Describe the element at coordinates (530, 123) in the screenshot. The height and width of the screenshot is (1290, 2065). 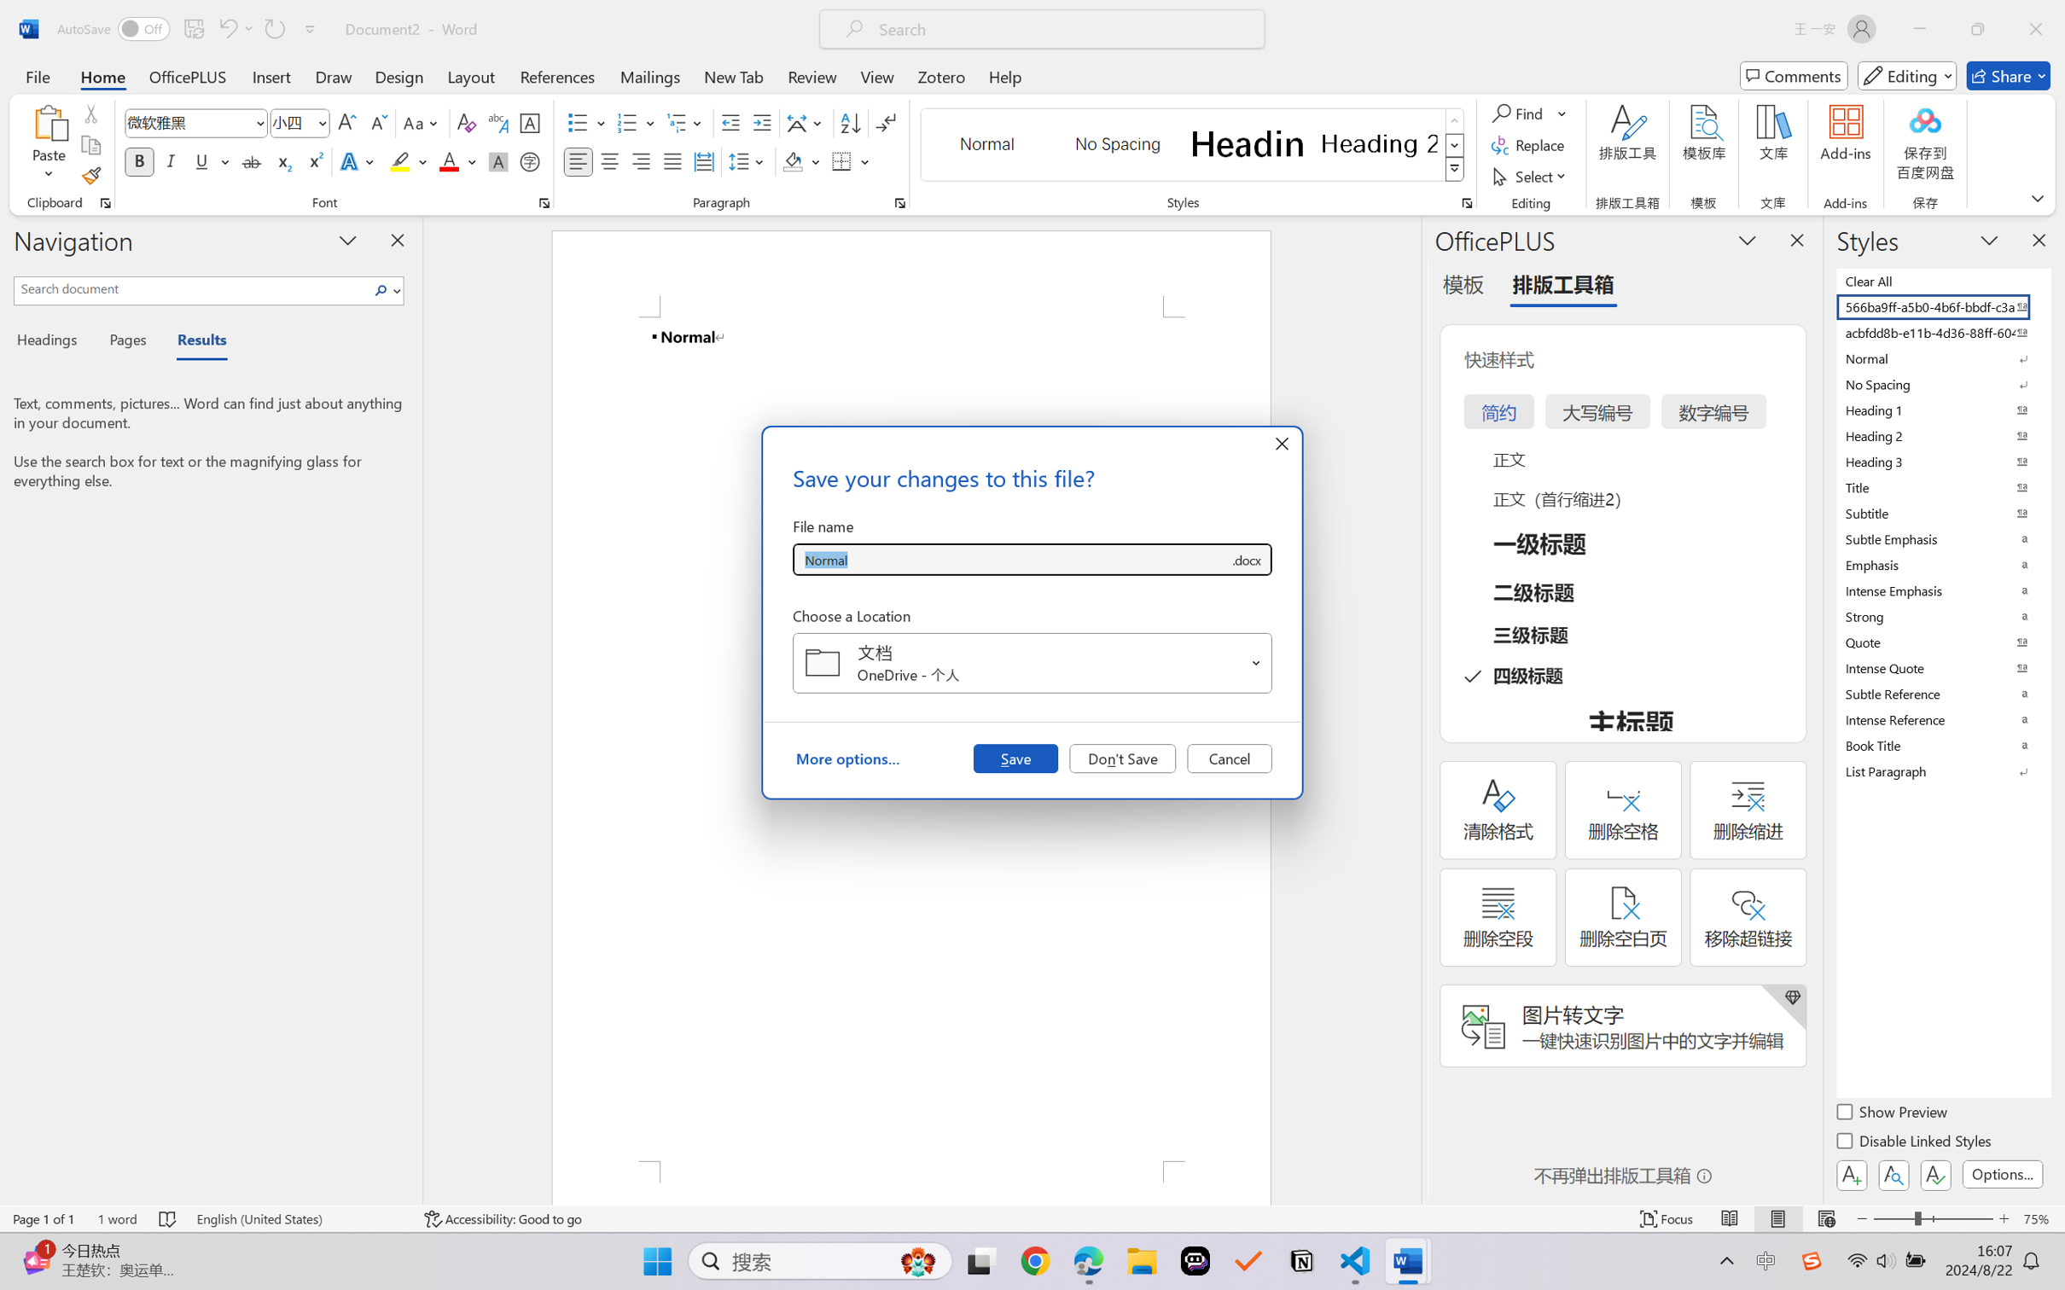
I see `'Character Border'` at that location.